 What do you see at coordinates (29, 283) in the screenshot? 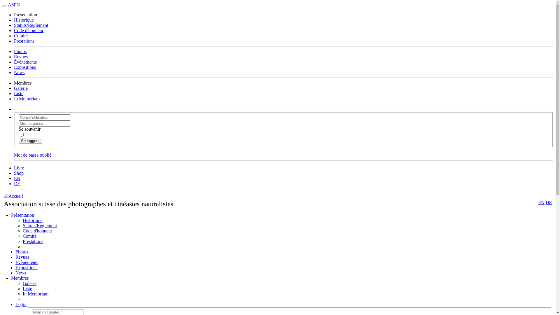
I see `'Galerie'` at bounding box center [29, 283].